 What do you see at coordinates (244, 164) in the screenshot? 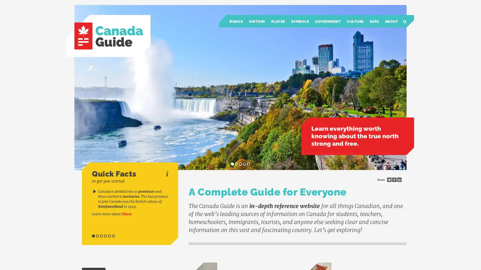
I see `Go to slide 4` at bounding box center [244, 164].